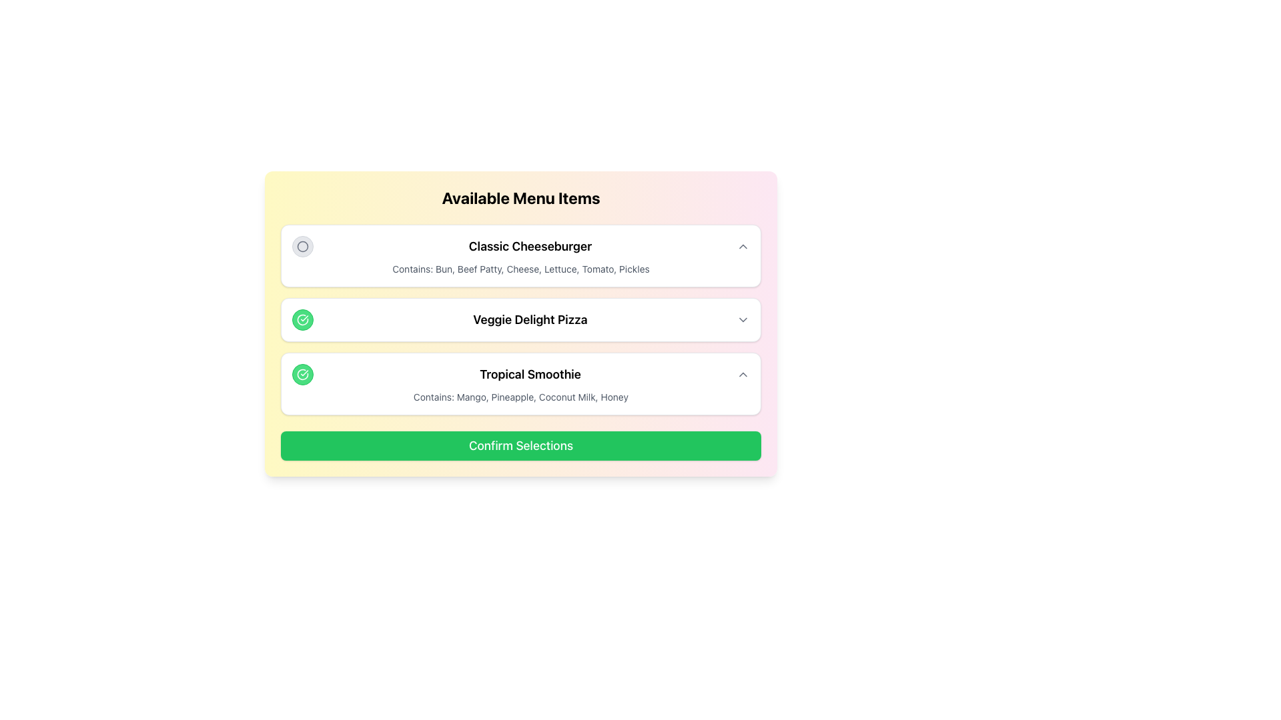 The image size is (1281, 720). What do you see at coordinates (302, 375) in the screenshot?
I see `the Icon Button located to the left of the 'Tropical Smoothie' text` at bounding box center [302, 375].